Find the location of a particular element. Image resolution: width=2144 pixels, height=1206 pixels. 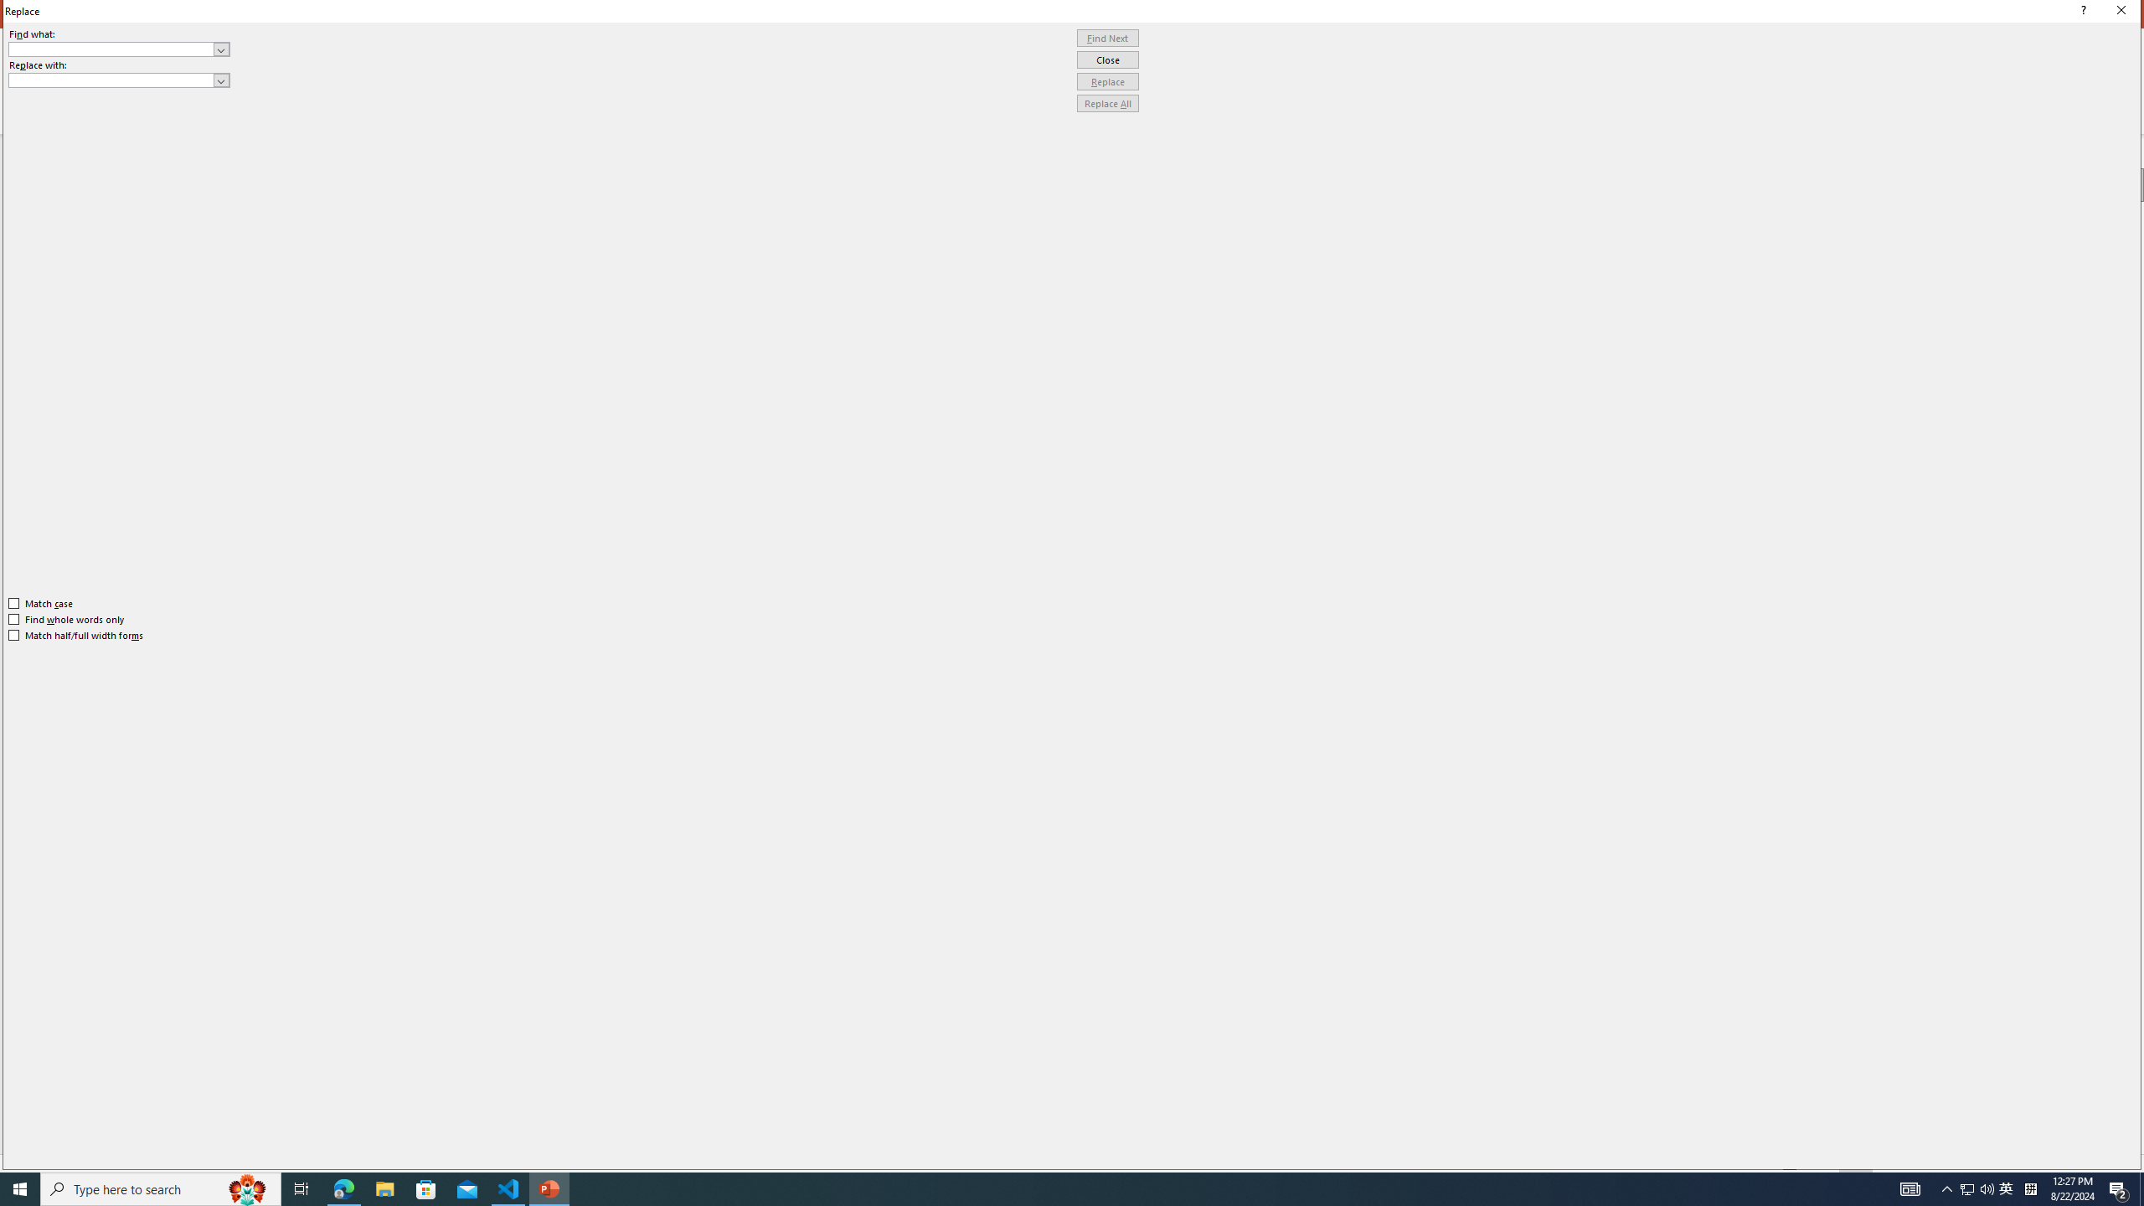

'Context help' is located at coordinates (2080, 13).